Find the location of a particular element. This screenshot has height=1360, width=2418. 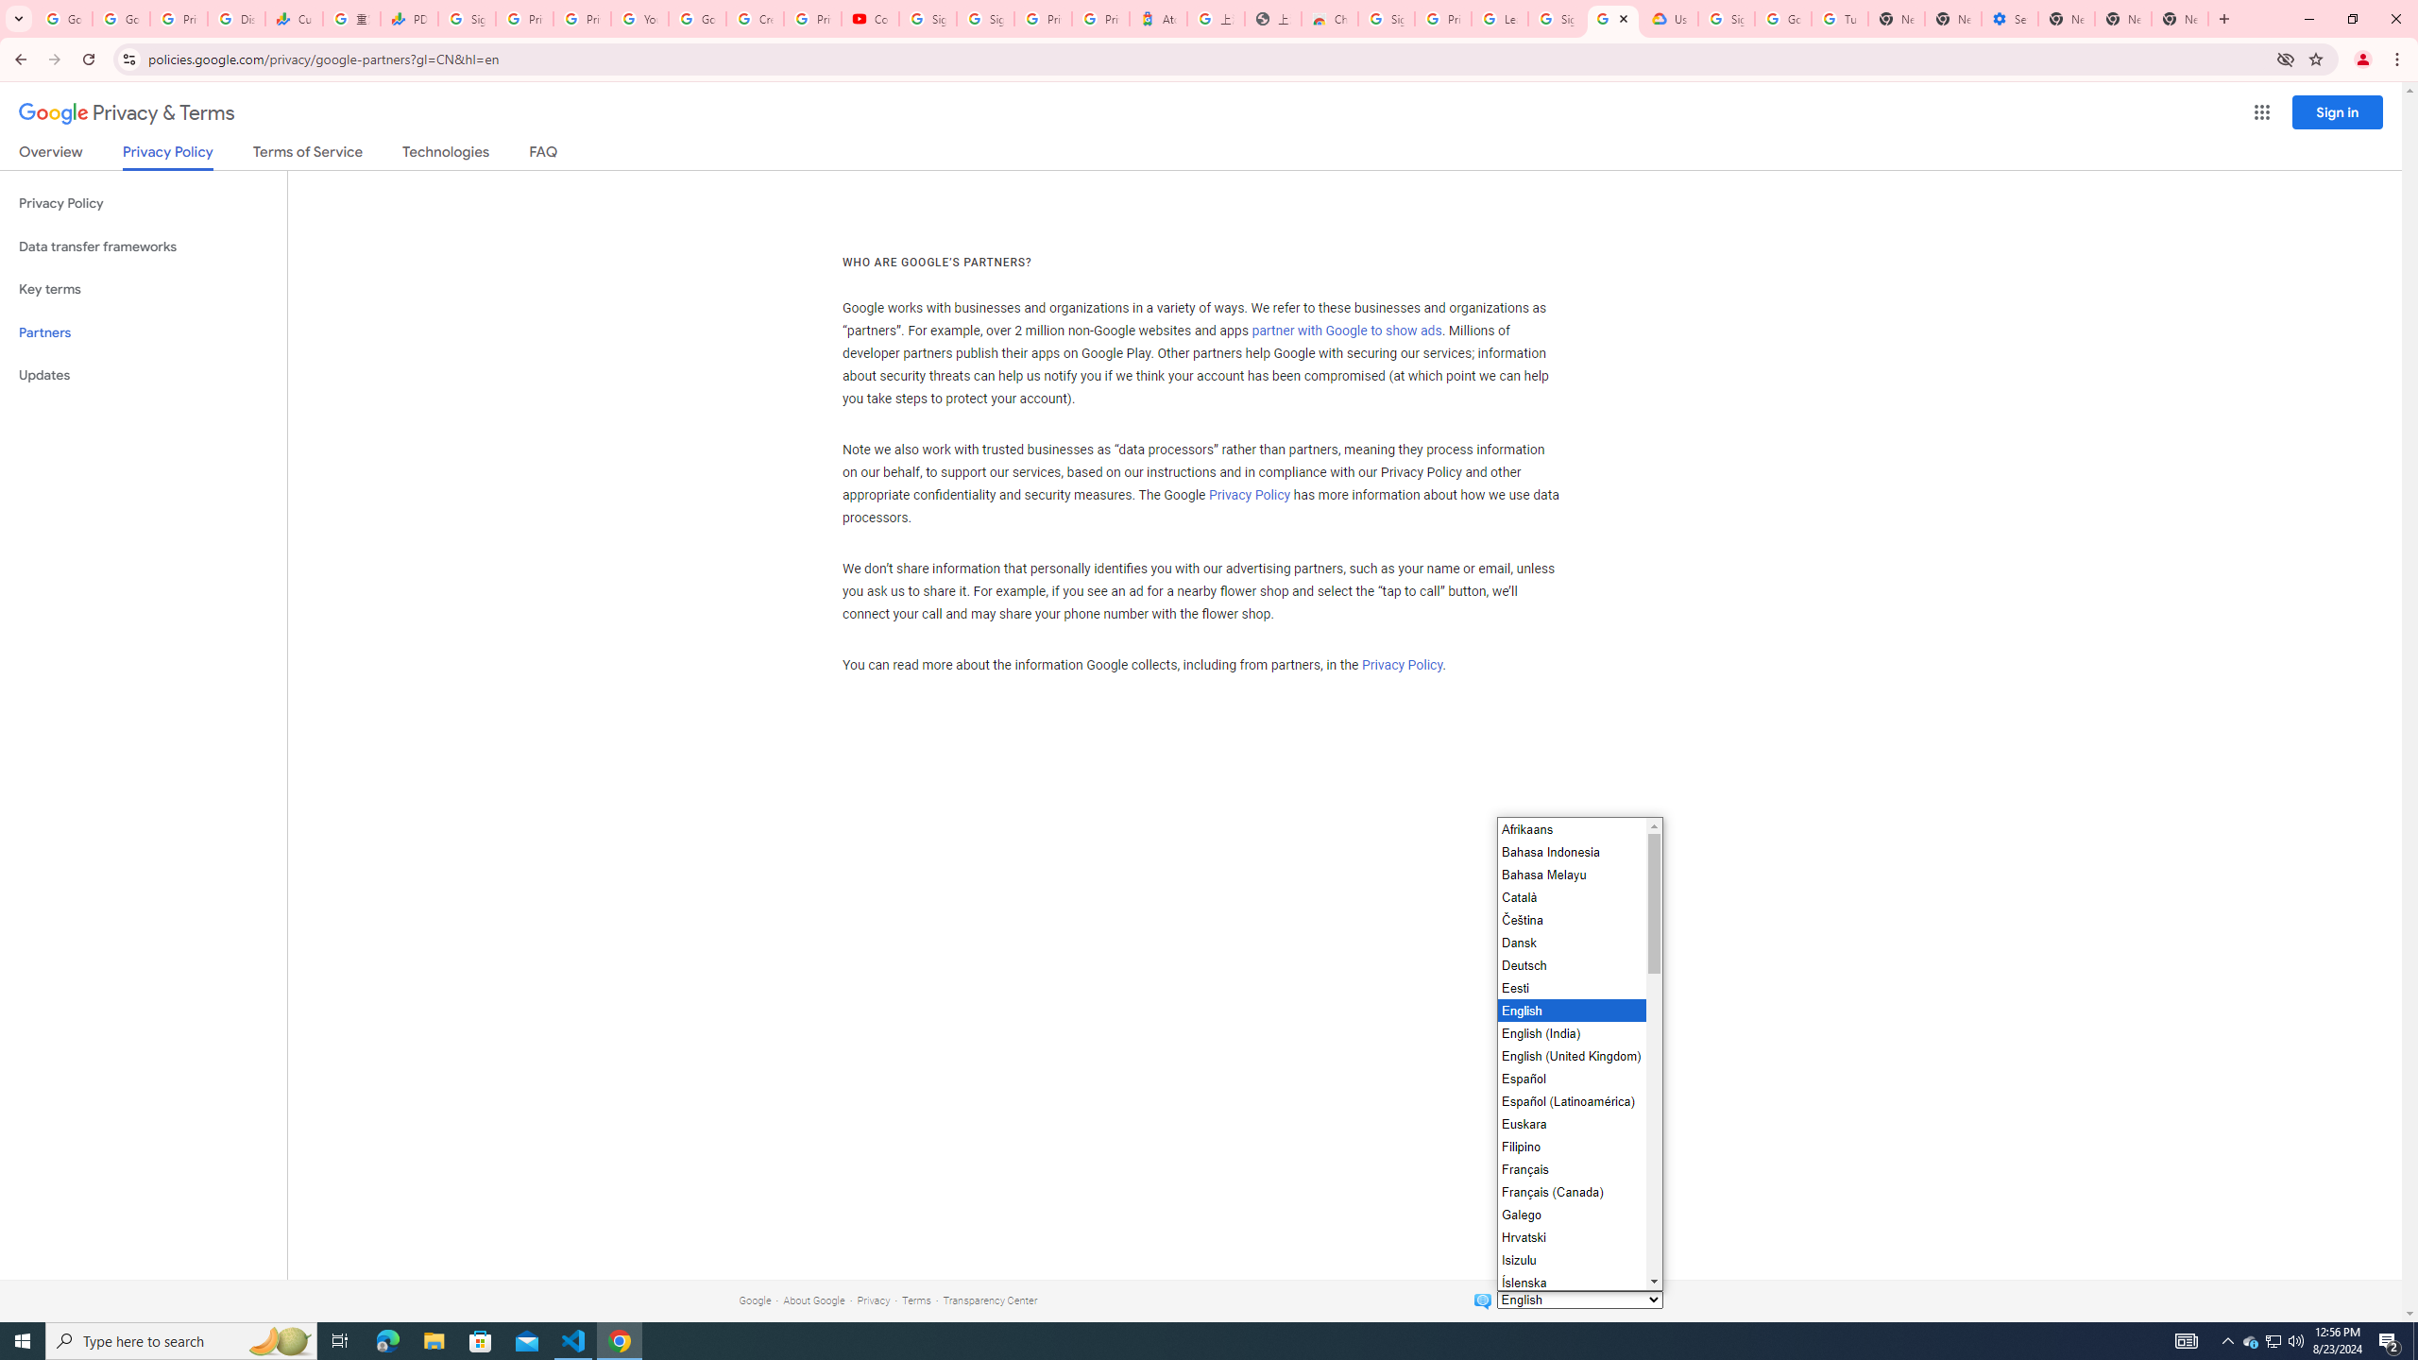

'Transparency Center' is located at coordinates (989, 1300).